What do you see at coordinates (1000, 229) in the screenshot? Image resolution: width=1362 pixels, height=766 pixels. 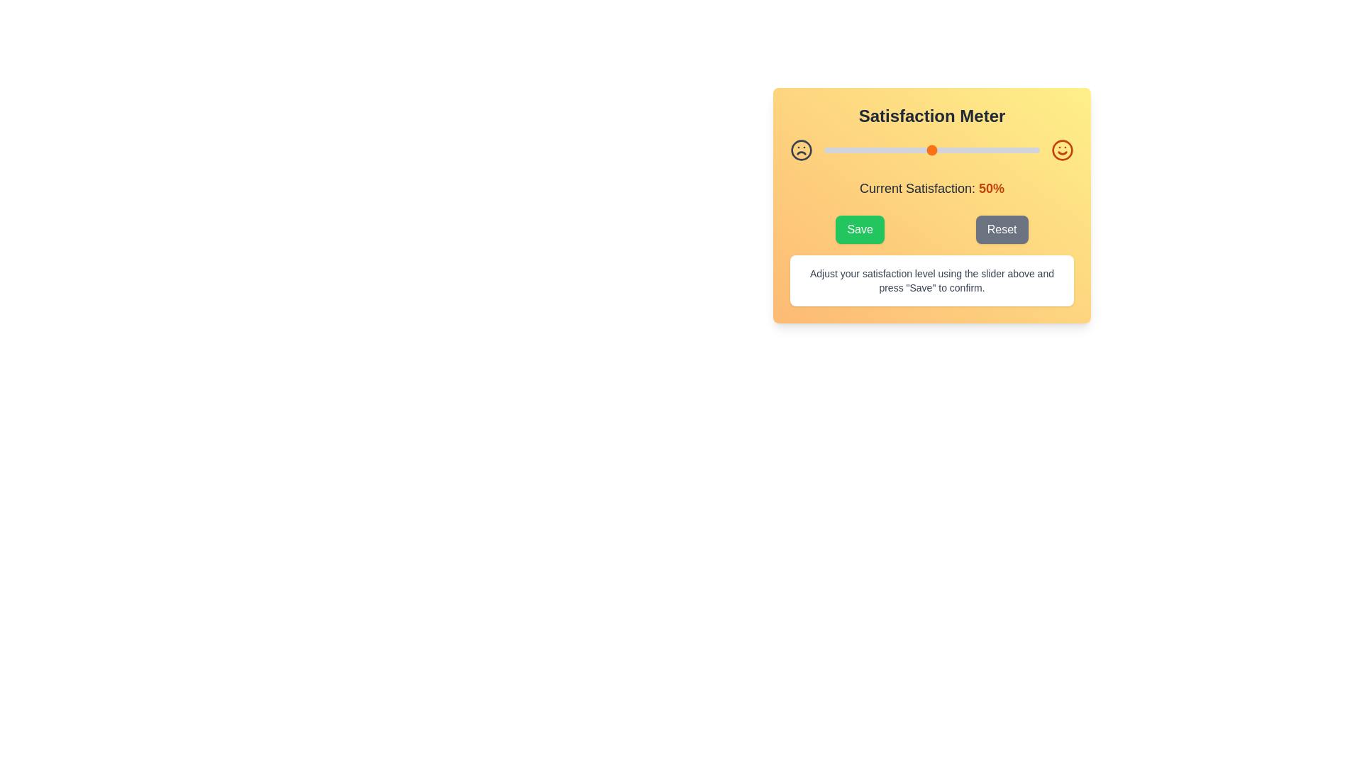 I see `the 'Reset' button to reset the satisfaction level` at bounding box center [1000, 229].